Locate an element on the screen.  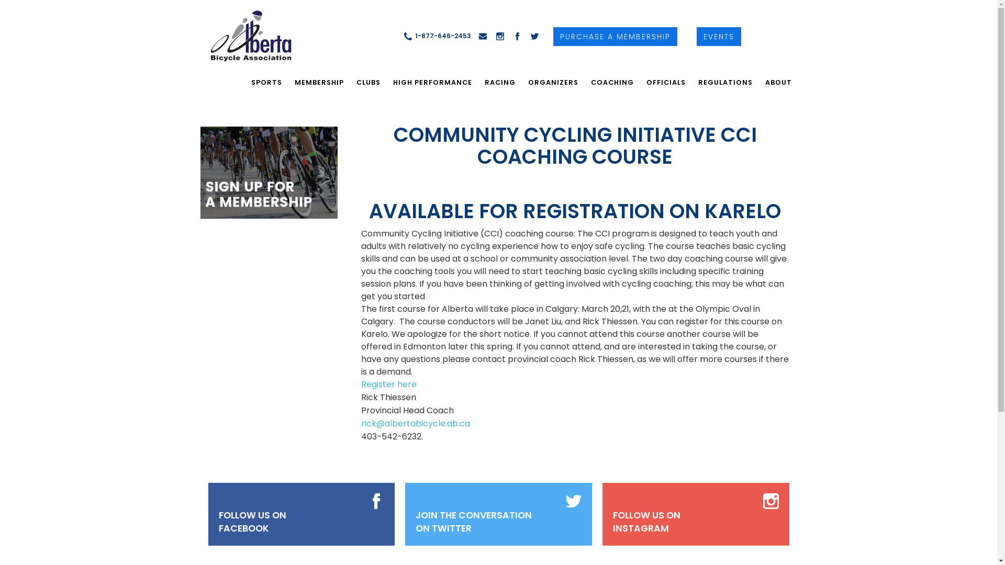
'OFFICIALS' is located at coordinates (665, 82).